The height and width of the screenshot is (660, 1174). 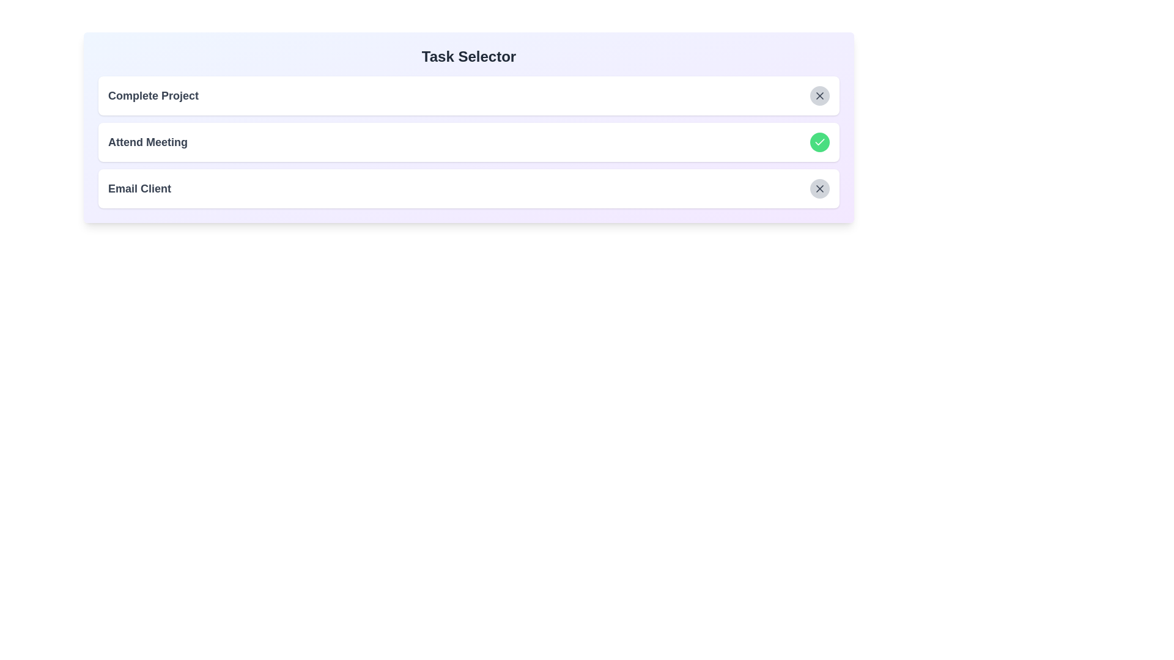 I want to click on the task Attend Meeting, so click(x=819, y=141).